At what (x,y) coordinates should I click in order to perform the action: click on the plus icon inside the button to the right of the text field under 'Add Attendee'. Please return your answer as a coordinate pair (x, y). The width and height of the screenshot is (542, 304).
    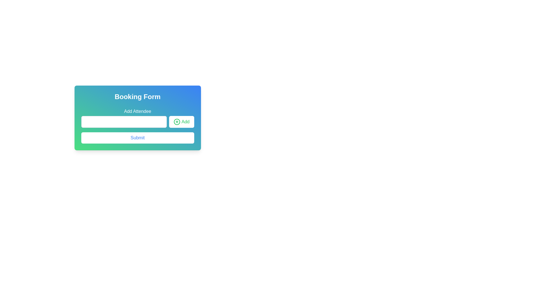
    Looking at the image, I should click on (177, 122).